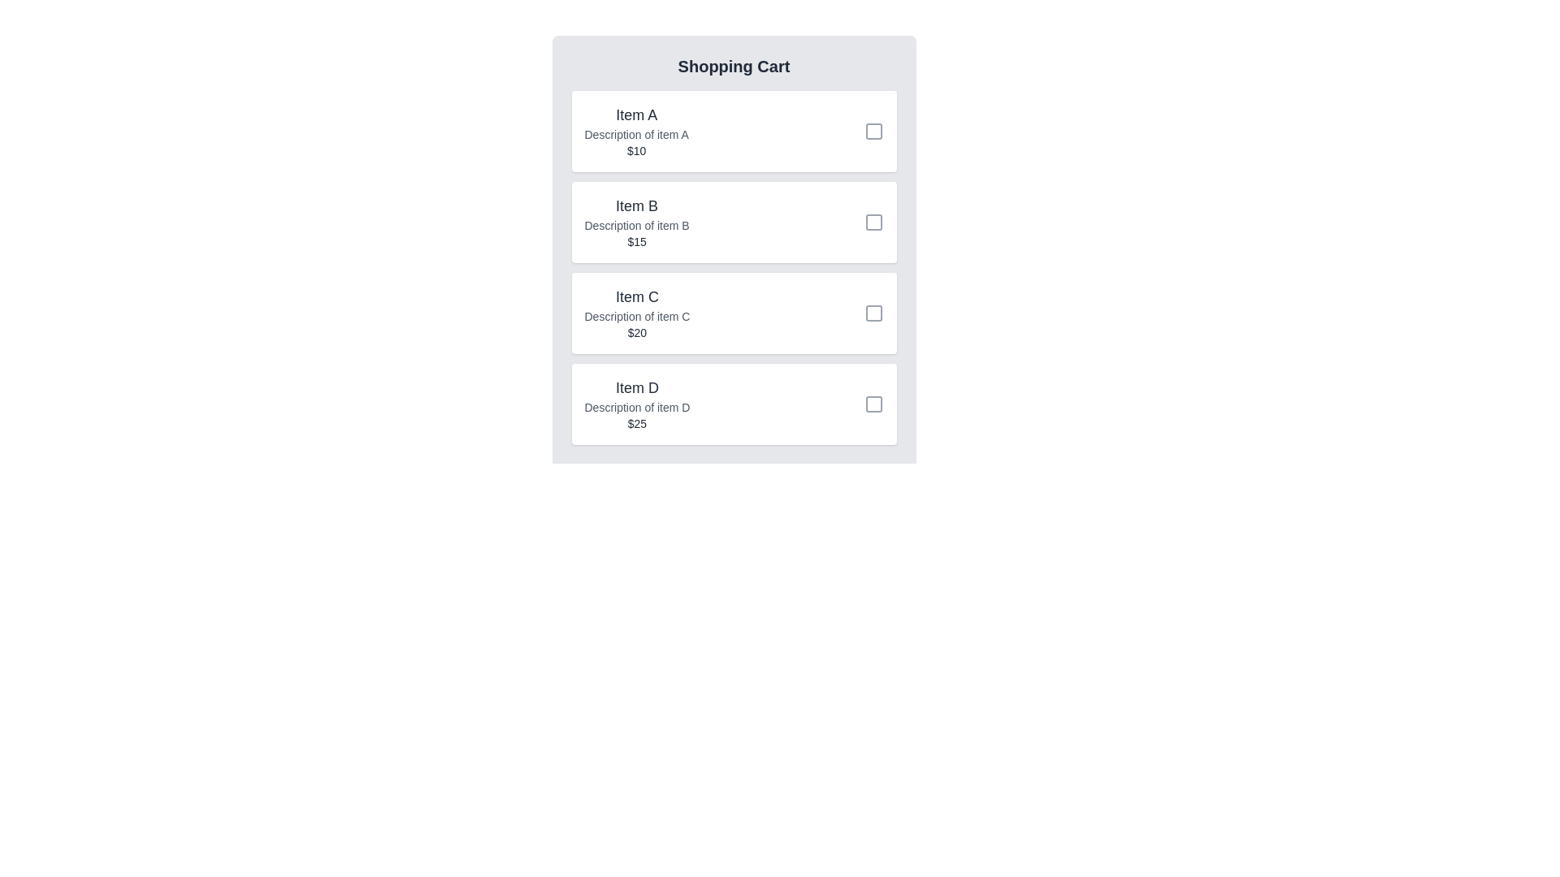  What do you see at coordinates (873, 222) in the screenshot?
I see `the rectangular-shaped icon with rounded corners located to the right of the text information for 'Item B'` at bounding box center [873, 222].